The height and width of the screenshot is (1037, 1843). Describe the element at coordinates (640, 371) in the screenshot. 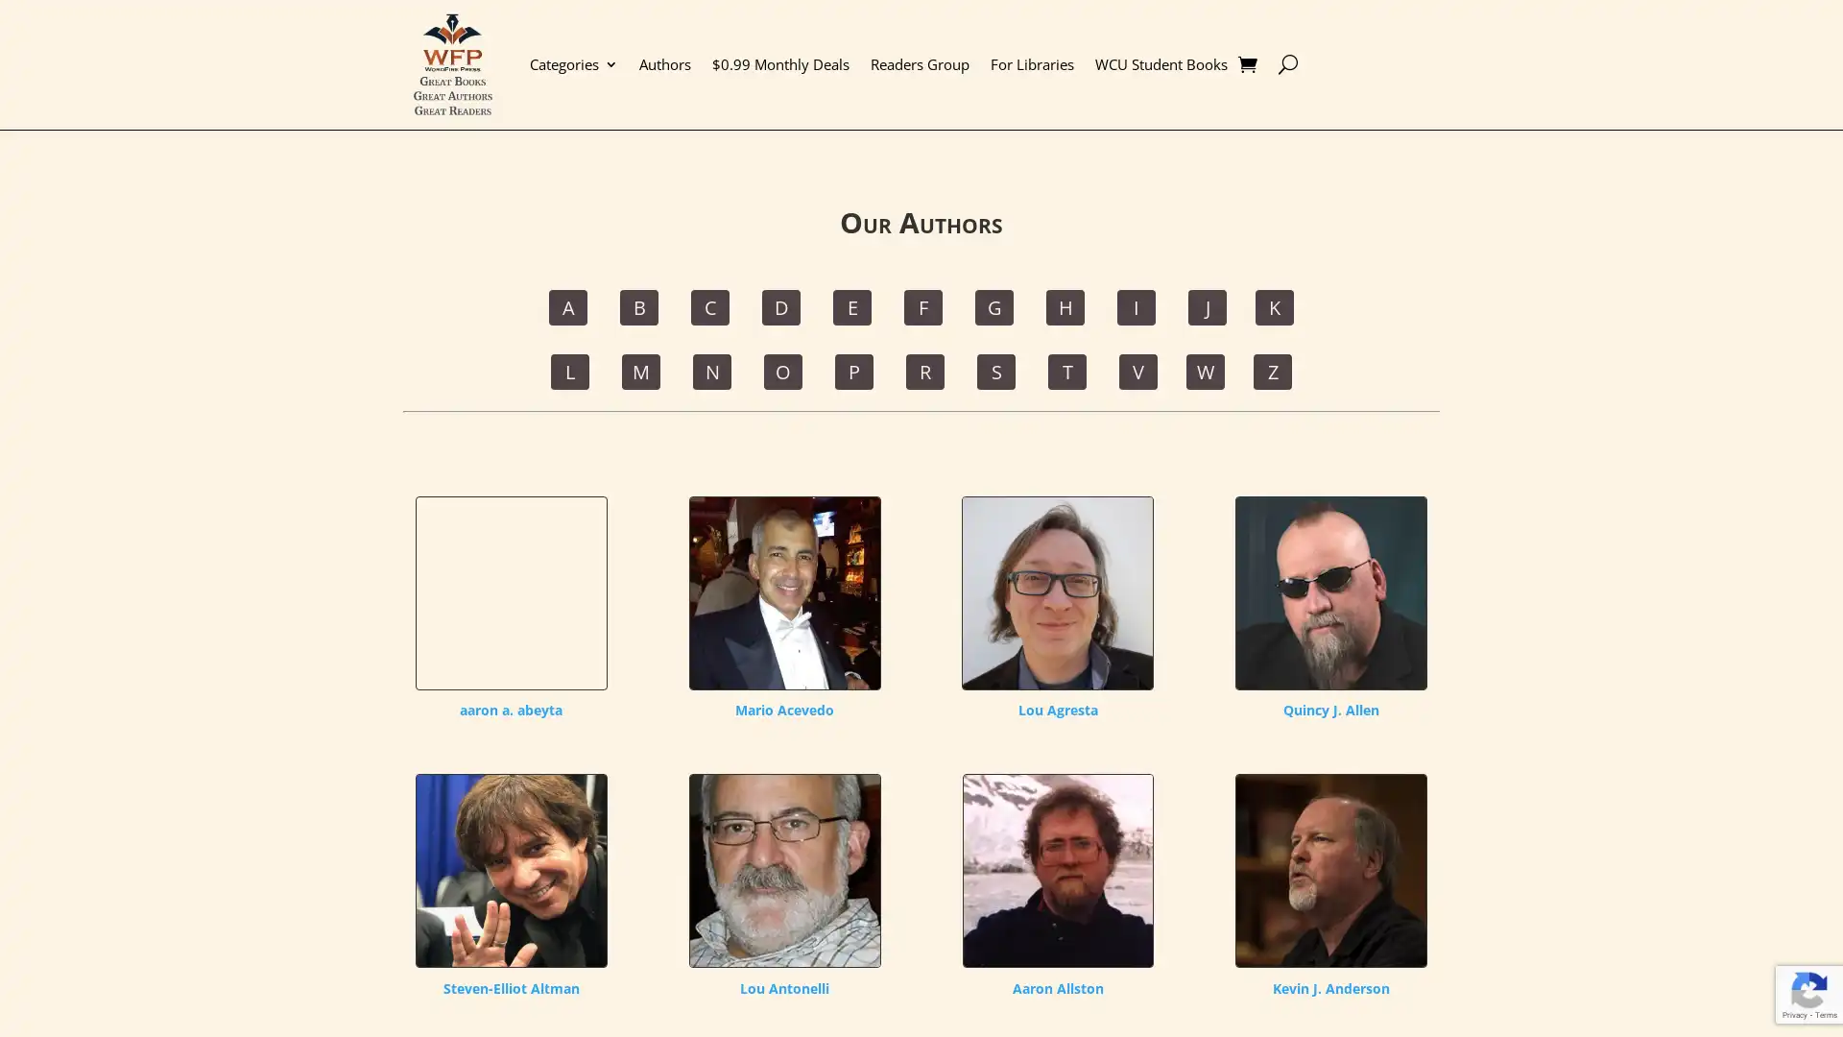

I see `M` at that location.